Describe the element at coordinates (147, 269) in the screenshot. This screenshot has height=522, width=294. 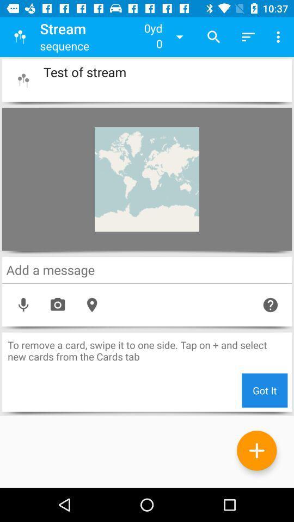
I see `write message` at that location.